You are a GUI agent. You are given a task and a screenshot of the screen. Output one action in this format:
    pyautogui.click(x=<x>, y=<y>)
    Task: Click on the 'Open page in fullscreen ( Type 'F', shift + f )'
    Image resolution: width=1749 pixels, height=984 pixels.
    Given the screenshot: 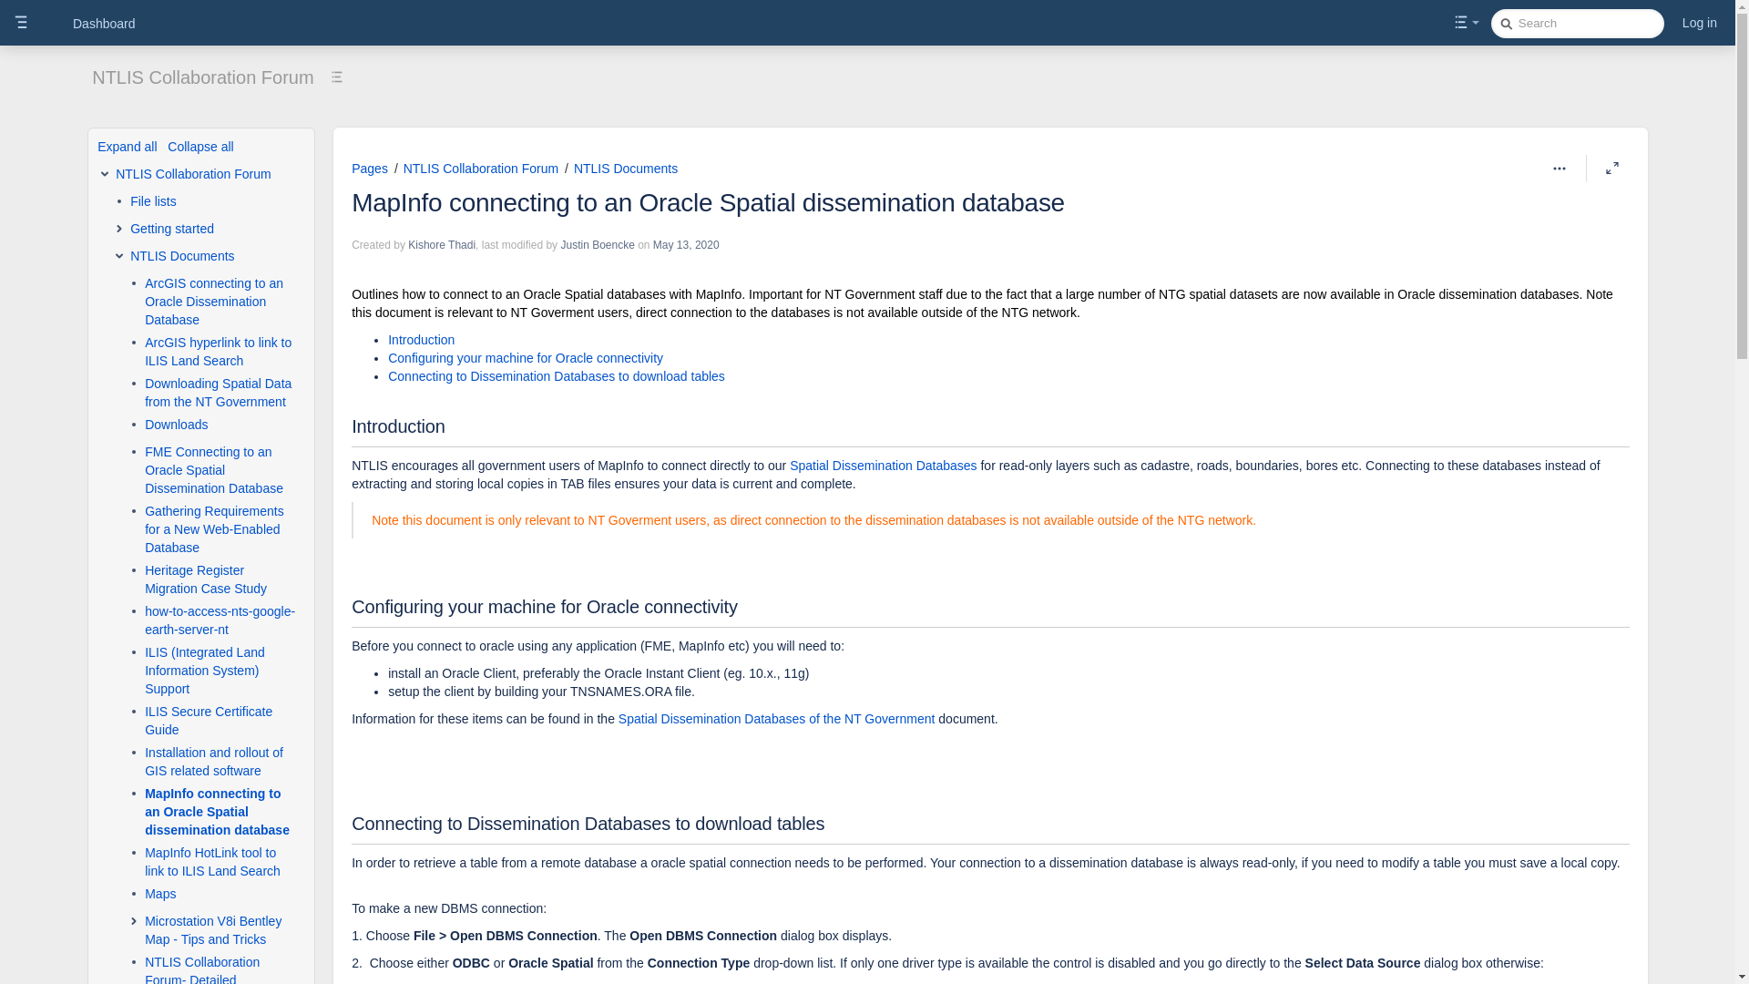 What is the action you would take?
    pyautogui.click(x=1612, y=169)
    